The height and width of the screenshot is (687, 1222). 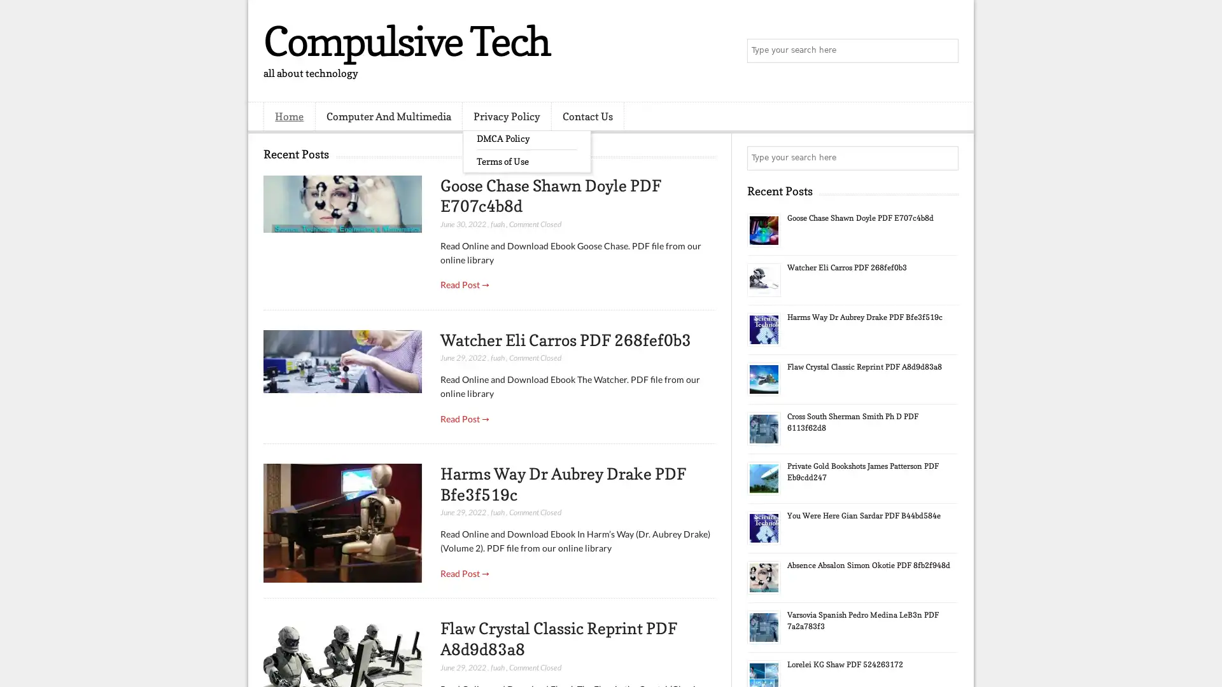 What do you see at coordinates (945, 51) in the screenshot?
I see `Search` at bounding box center [945, 51].